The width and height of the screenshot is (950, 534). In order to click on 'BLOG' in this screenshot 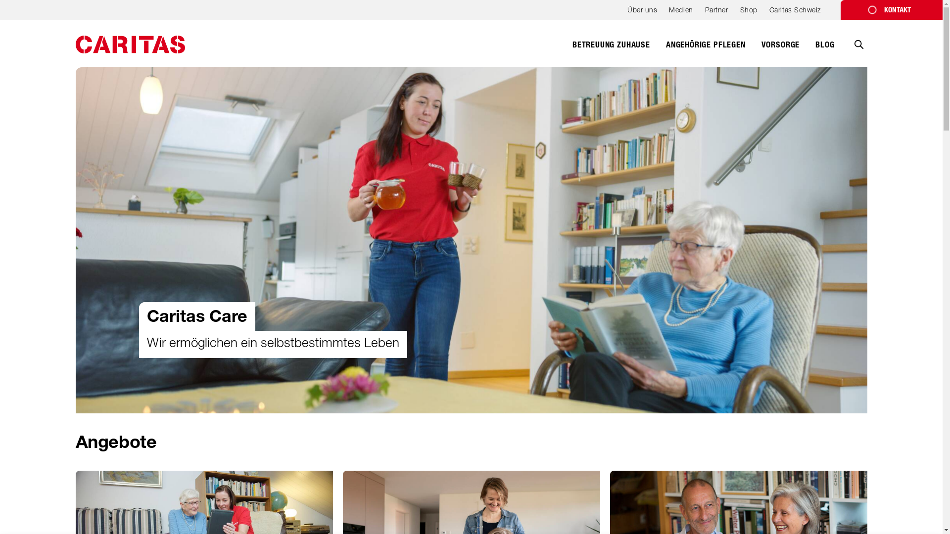, I will do `click(824, 50)`.